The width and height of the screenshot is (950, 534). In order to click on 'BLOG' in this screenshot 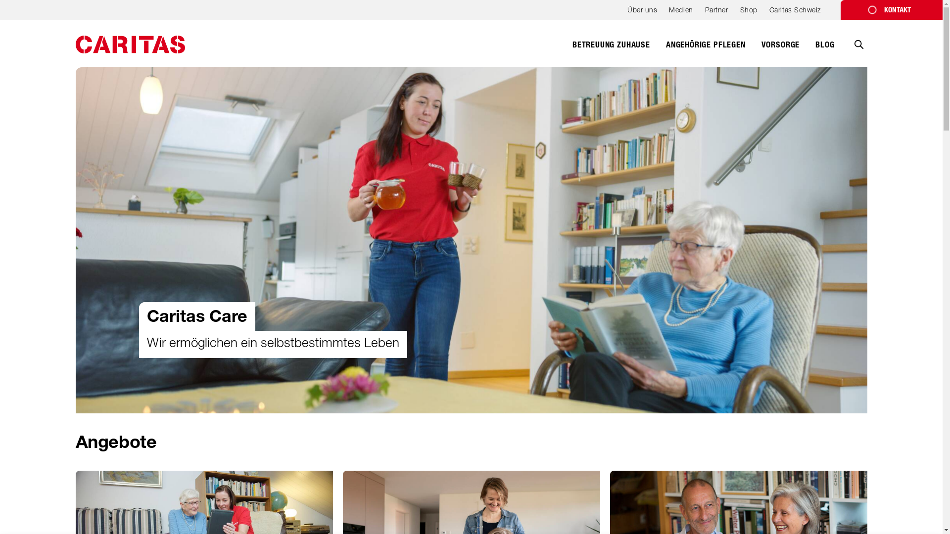, I will do `click(824, 50)`.